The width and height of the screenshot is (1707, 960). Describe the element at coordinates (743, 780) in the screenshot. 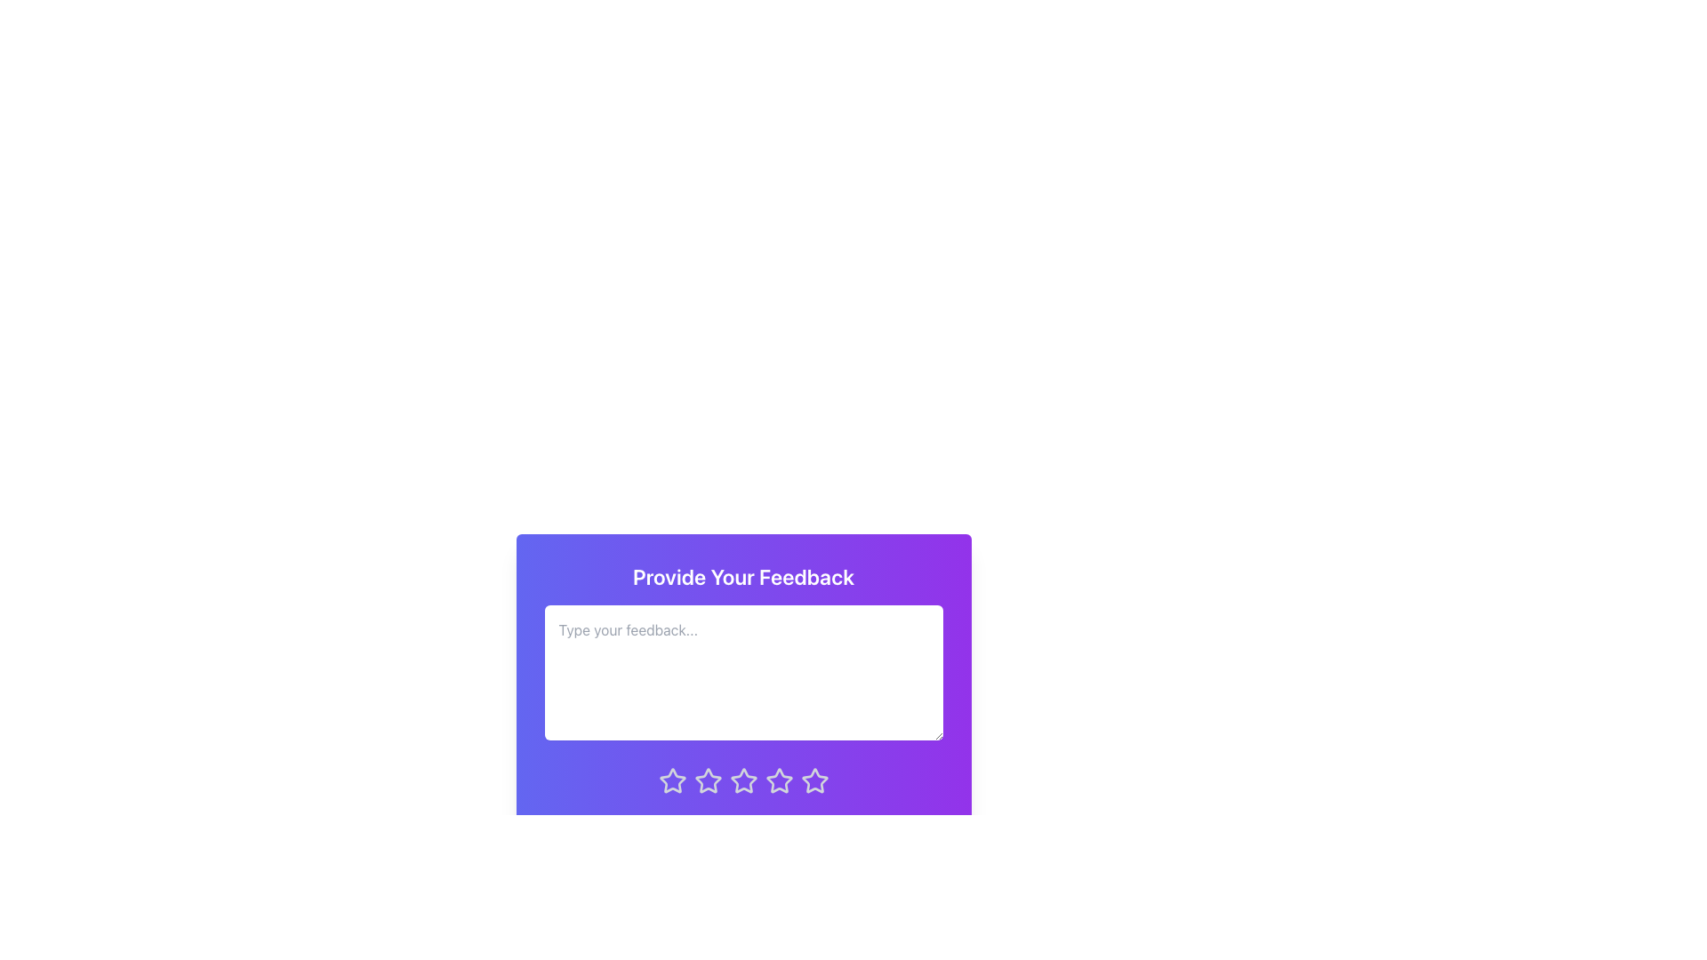

I see `the fourth star-shaped rating icon in a row of five stars` at that location.